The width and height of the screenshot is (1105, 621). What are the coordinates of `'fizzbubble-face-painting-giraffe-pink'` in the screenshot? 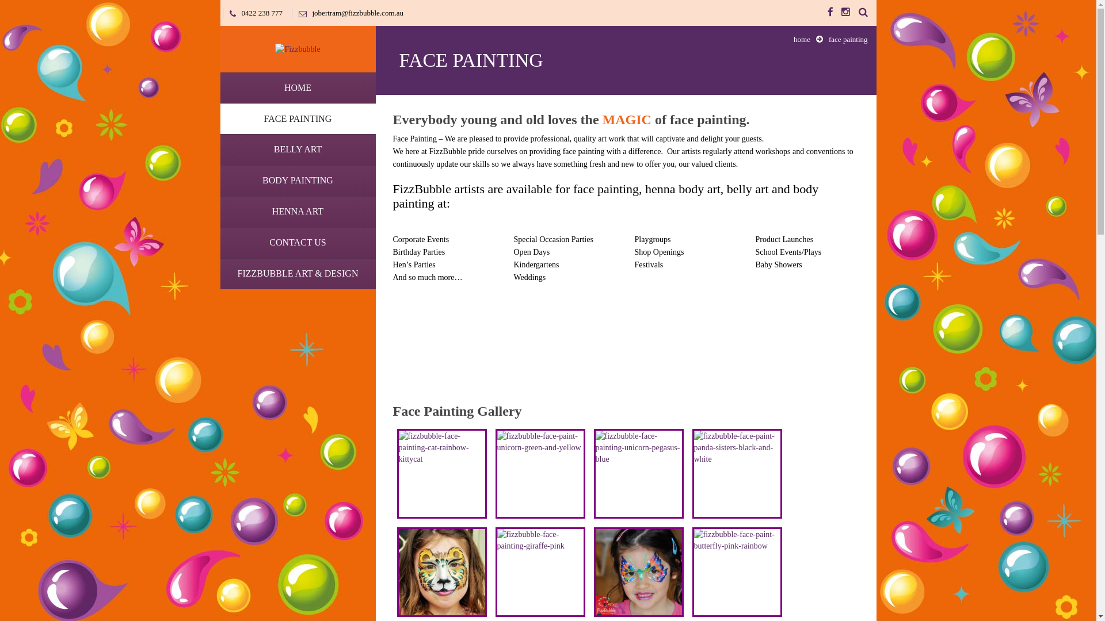 It's located at (540, 572).